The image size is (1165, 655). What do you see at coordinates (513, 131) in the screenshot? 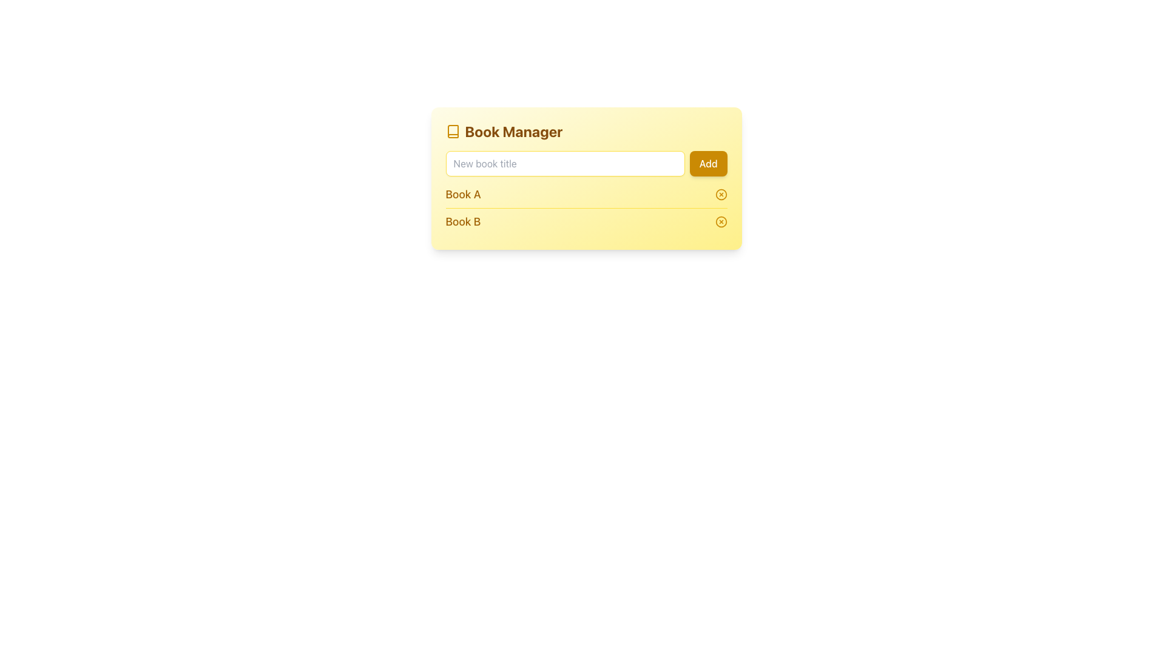
I see `text from the bold, large-font label displaying 'Book Manager' located in the top-left section of the yellow card box` at bounding box center [513, 131].